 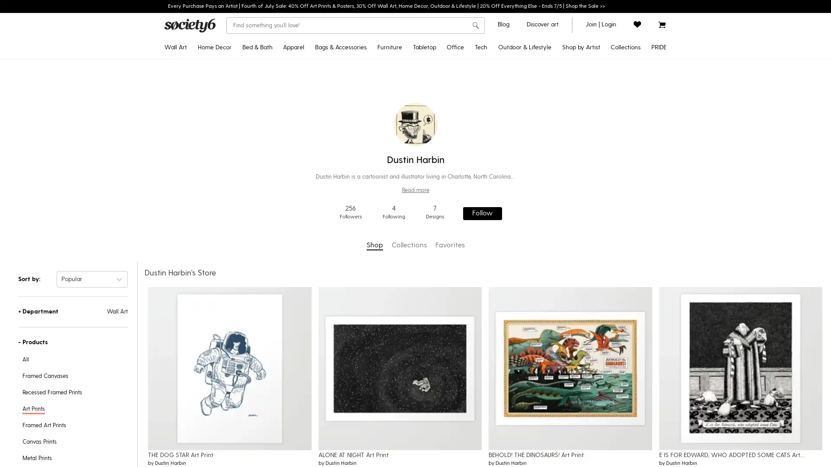 I want to click on Pixar, so click(x=557, y=97).